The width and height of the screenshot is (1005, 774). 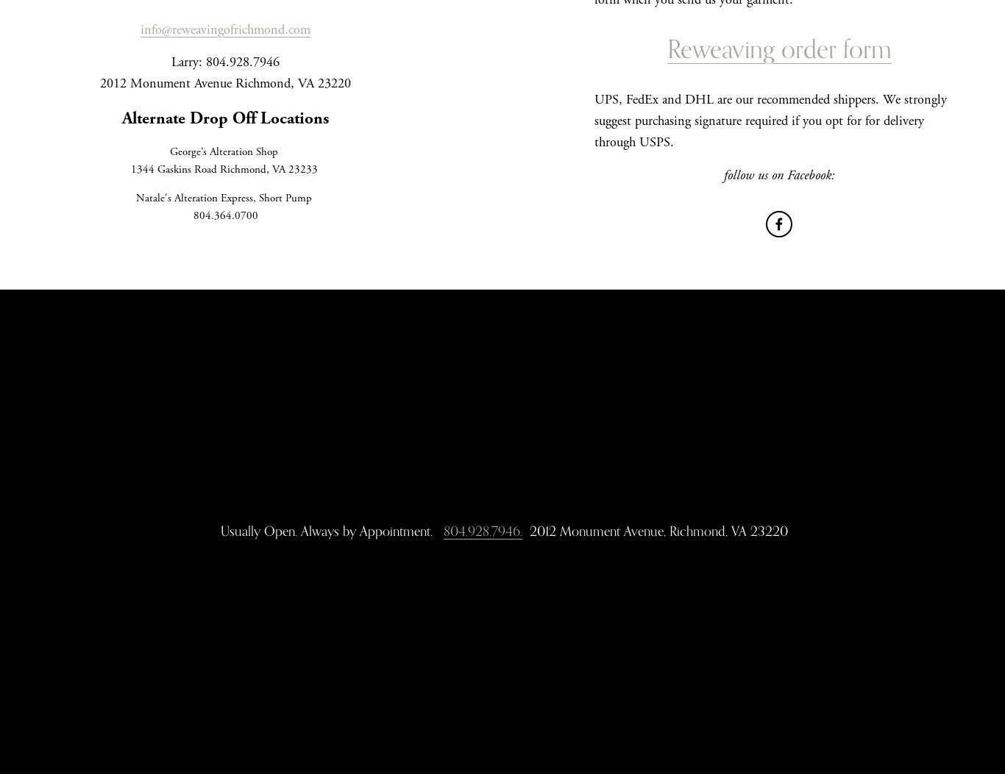 I want to click on 'Reweaving order form', so click(x=778, y=48).